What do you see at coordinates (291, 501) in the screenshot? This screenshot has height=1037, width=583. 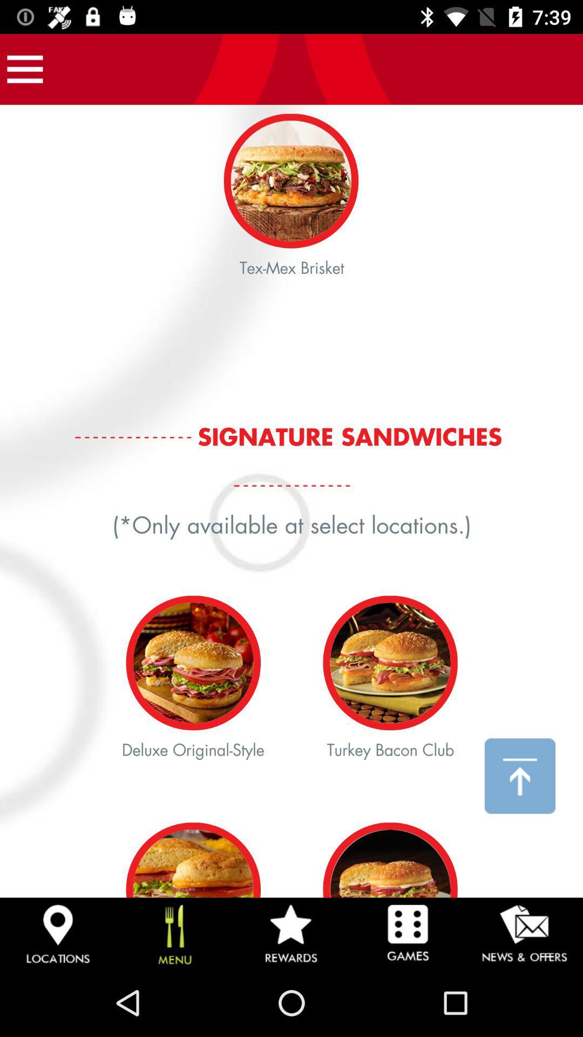 I see `principal screen` at bounding box center [291, 501].